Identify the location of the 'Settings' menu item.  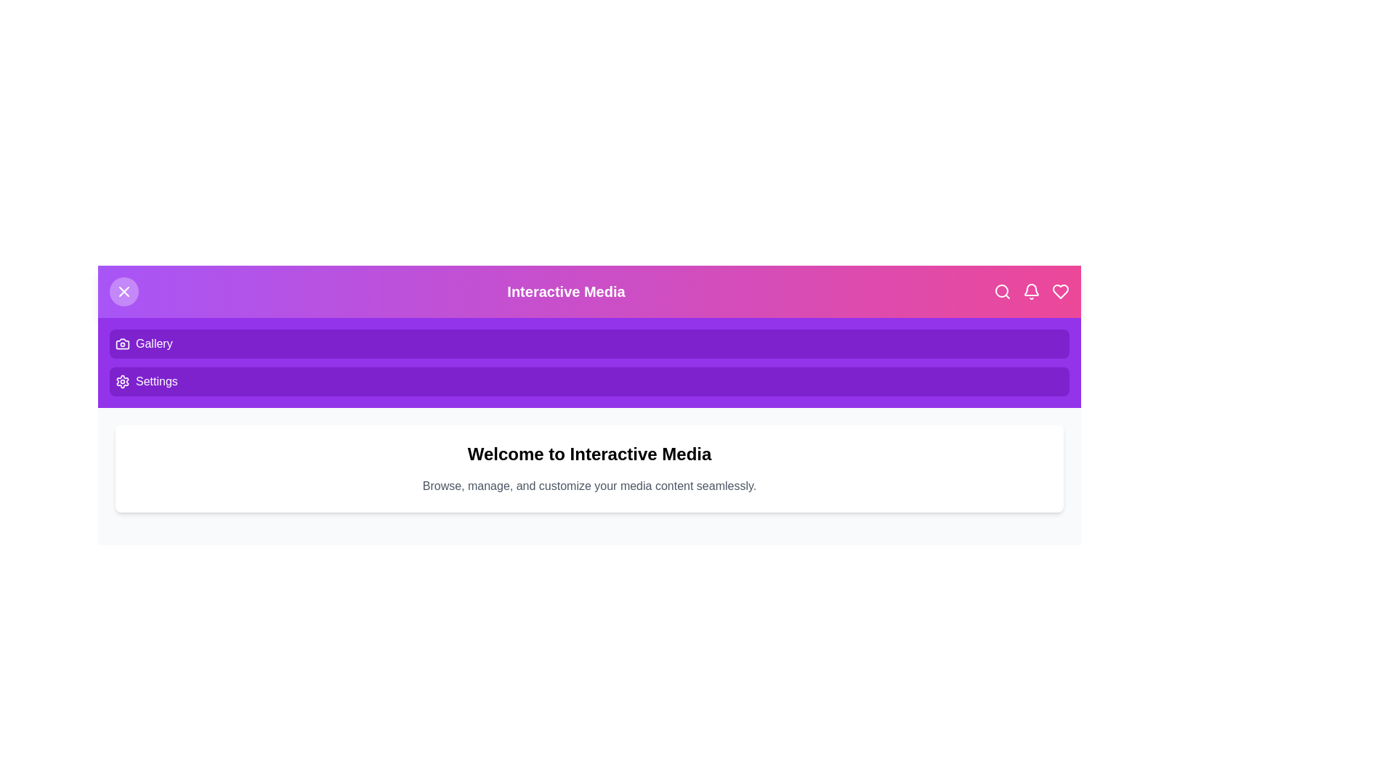
(157, 380).